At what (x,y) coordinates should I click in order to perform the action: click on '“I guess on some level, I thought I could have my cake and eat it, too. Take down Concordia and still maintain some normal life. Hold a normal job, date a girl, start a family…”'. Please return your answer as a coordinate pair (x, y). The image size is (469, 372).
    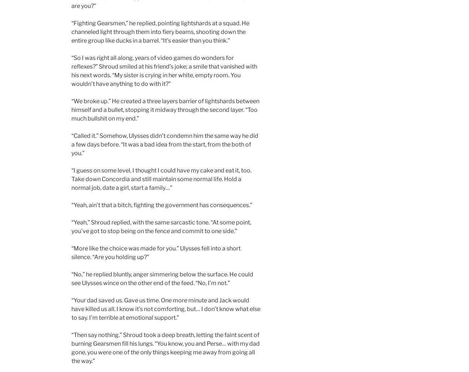
    Looking at the image, I should click on (161, 179).